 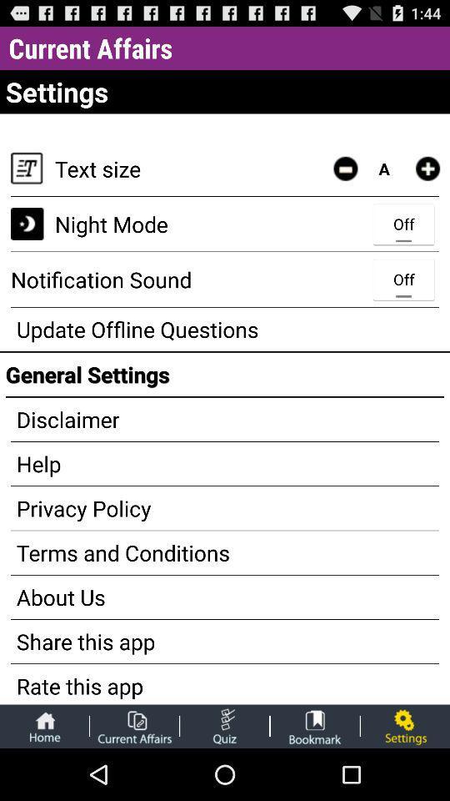 What do you see at coordinates (427, 169) in the screenshot?
I see `icon below the settings item` at bounding box center [427, 169].